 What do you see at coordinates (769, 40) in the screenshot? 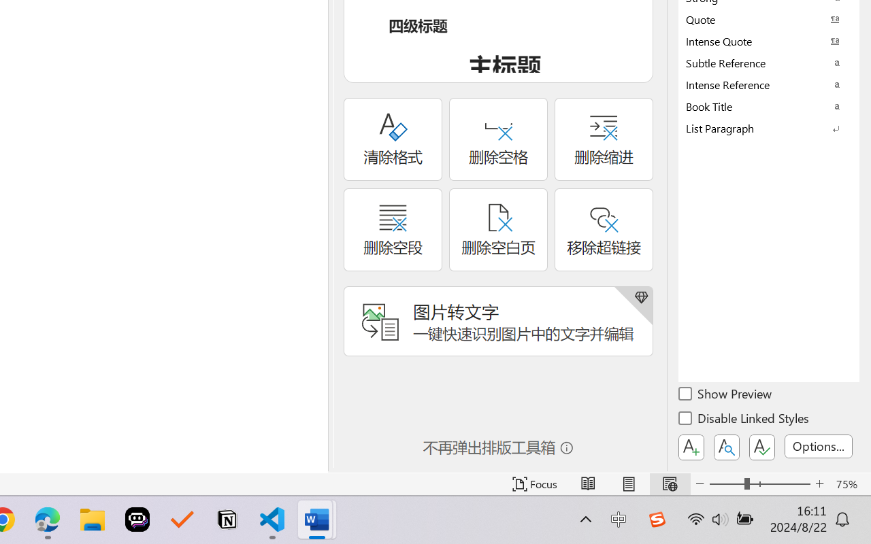
I see `'Intense Quote'` at bounding box center [769, 40].